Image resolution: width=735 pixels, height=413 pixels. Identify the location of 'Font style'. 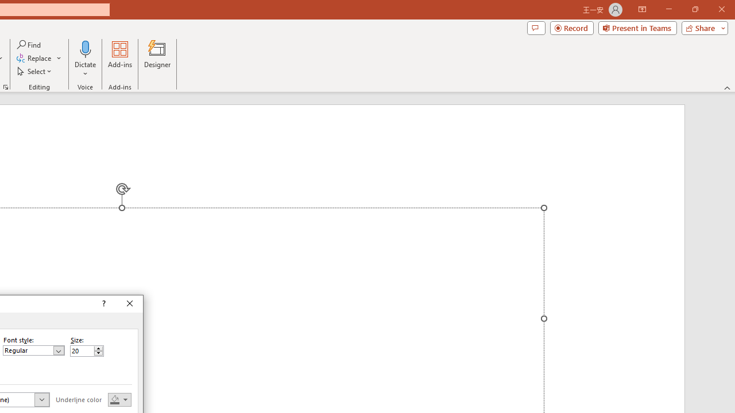
(33, 349).